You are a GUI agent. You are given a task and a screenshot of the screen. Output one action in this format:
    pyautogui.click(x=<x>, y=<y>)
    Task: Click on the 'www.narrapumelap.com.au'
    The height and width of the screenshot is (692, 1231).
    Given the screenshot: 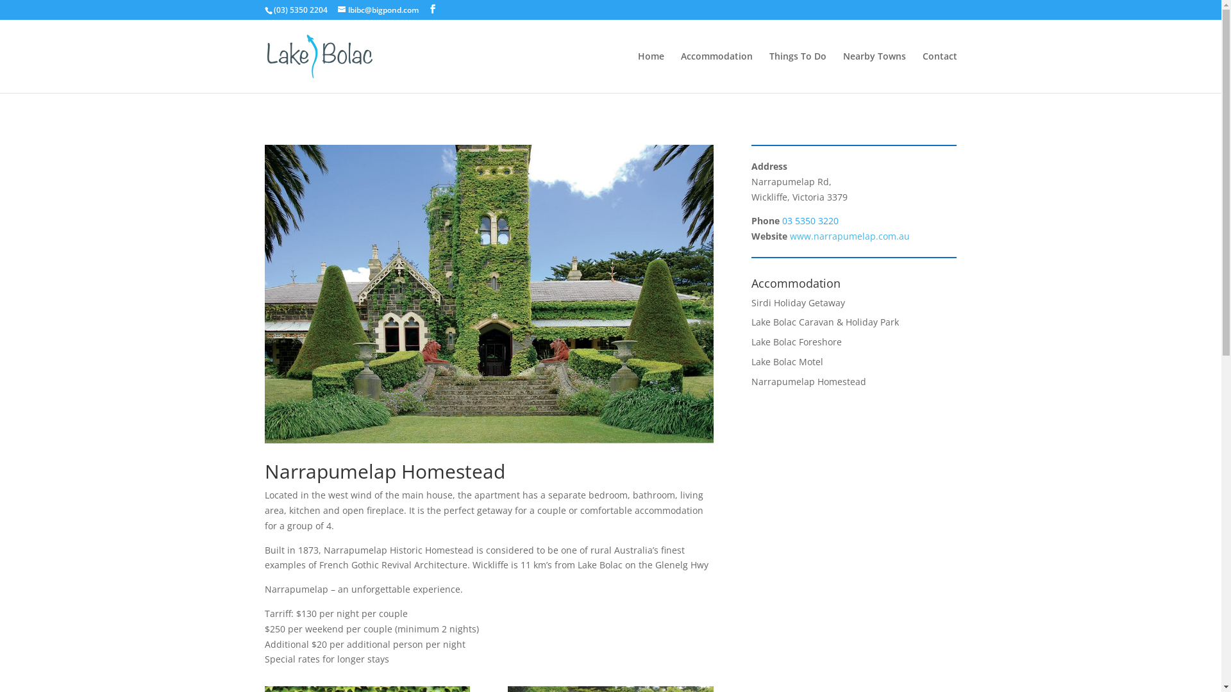 What is the action you would take?
    pyautogui.click(x=789, y=236)
    